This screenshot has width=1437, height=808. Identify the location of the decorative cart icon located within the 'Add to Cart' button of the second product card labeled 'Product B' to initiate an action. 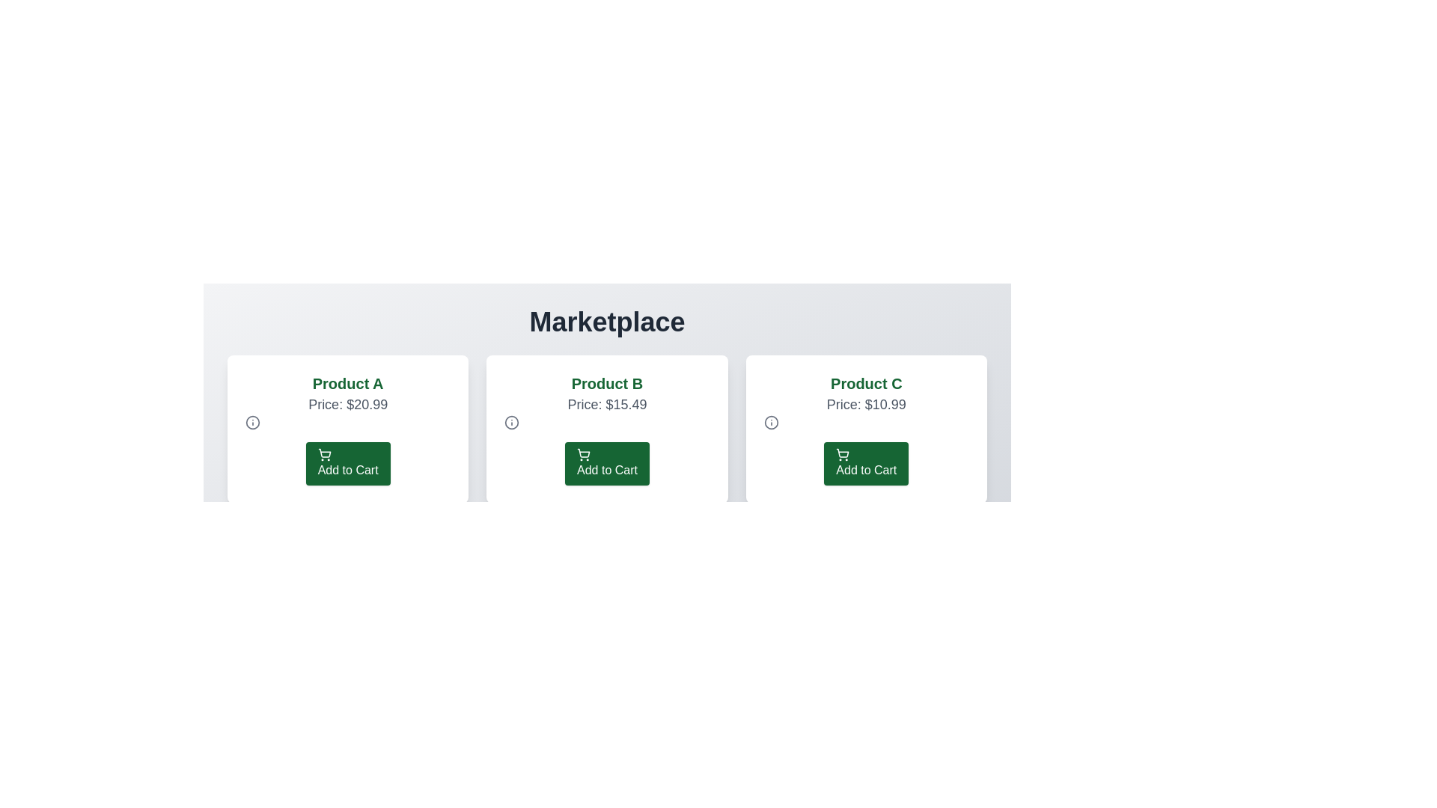
(583, 452).